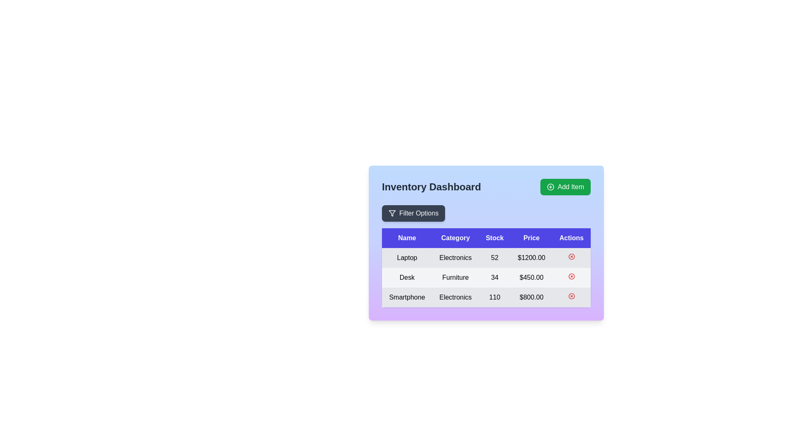  What do you see at coordinates (407, 257) in the screenshot?
I see `the text label 'Laptop' which is styled in black font and located in the first column of the first row of a table, under the header 'Name'` at bounding box center [407, 257].